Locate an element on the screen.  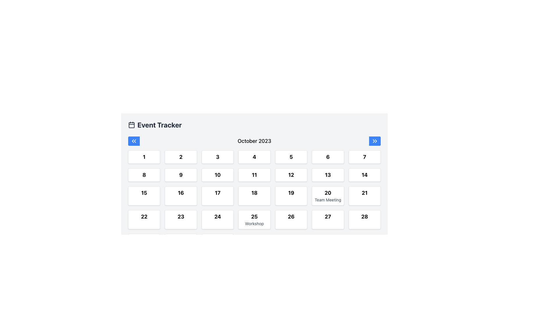
the text element indicating the 17th day of the month in the calendar grid is located at coordinates (217, 193).